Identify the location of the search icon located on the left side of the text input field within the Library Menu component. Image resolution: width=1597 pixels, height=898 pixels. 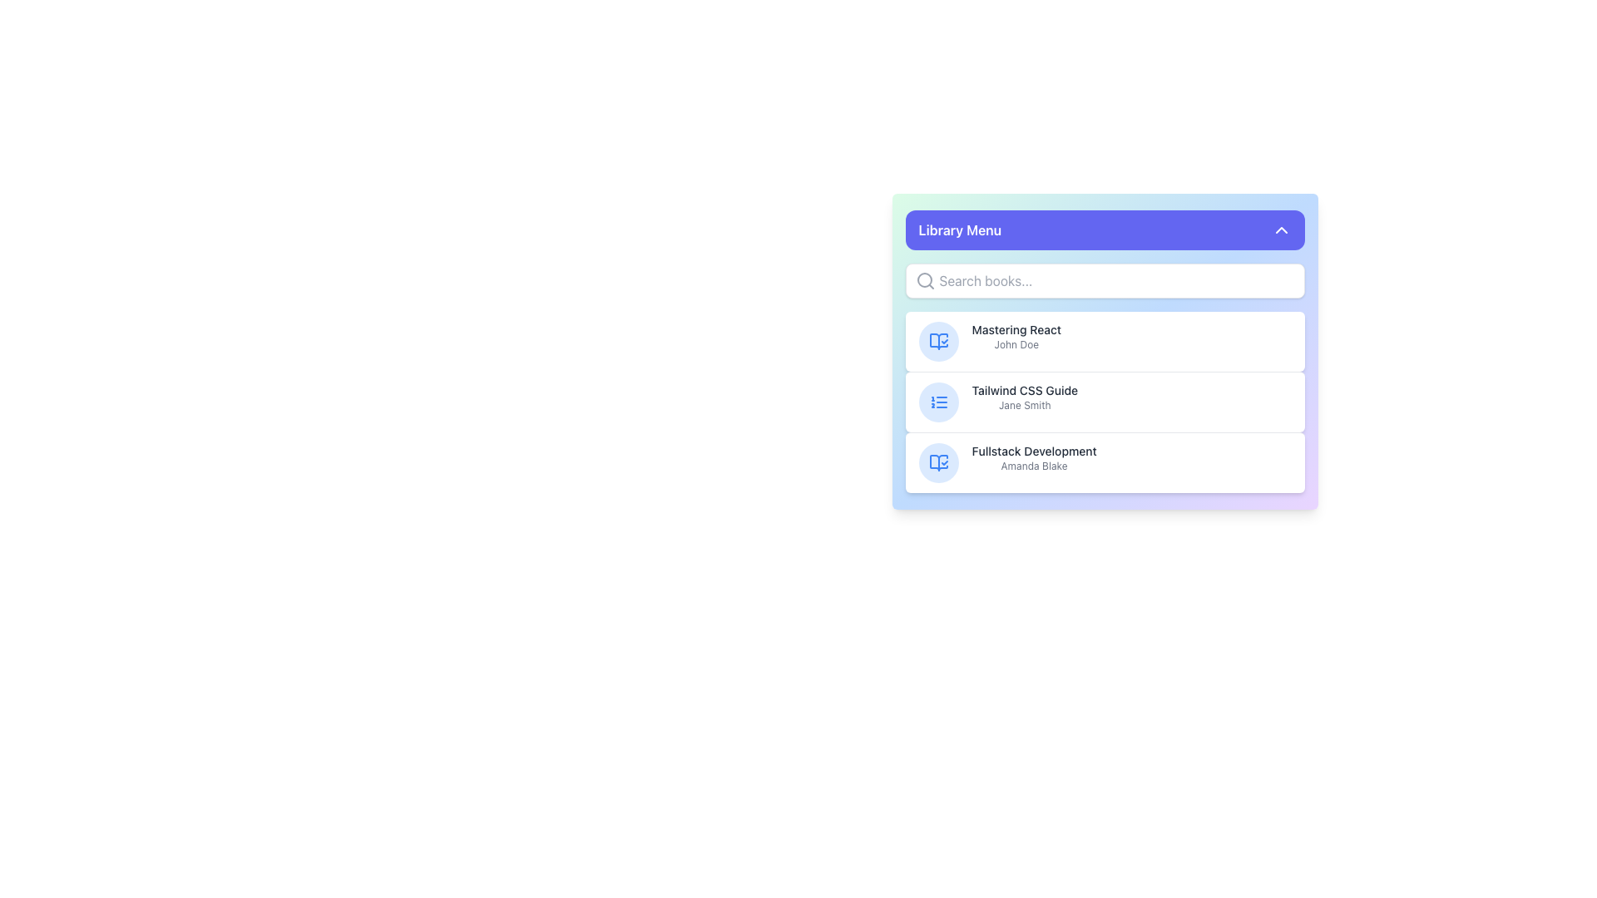
(924, 280).